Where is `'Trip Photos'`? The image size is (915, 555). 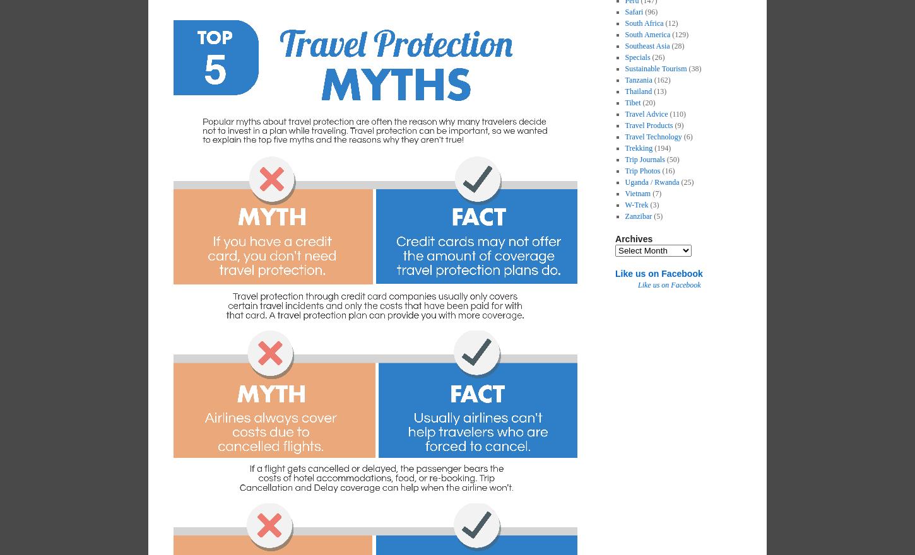
'Trip Photos' is located at coordinates (642, 171).